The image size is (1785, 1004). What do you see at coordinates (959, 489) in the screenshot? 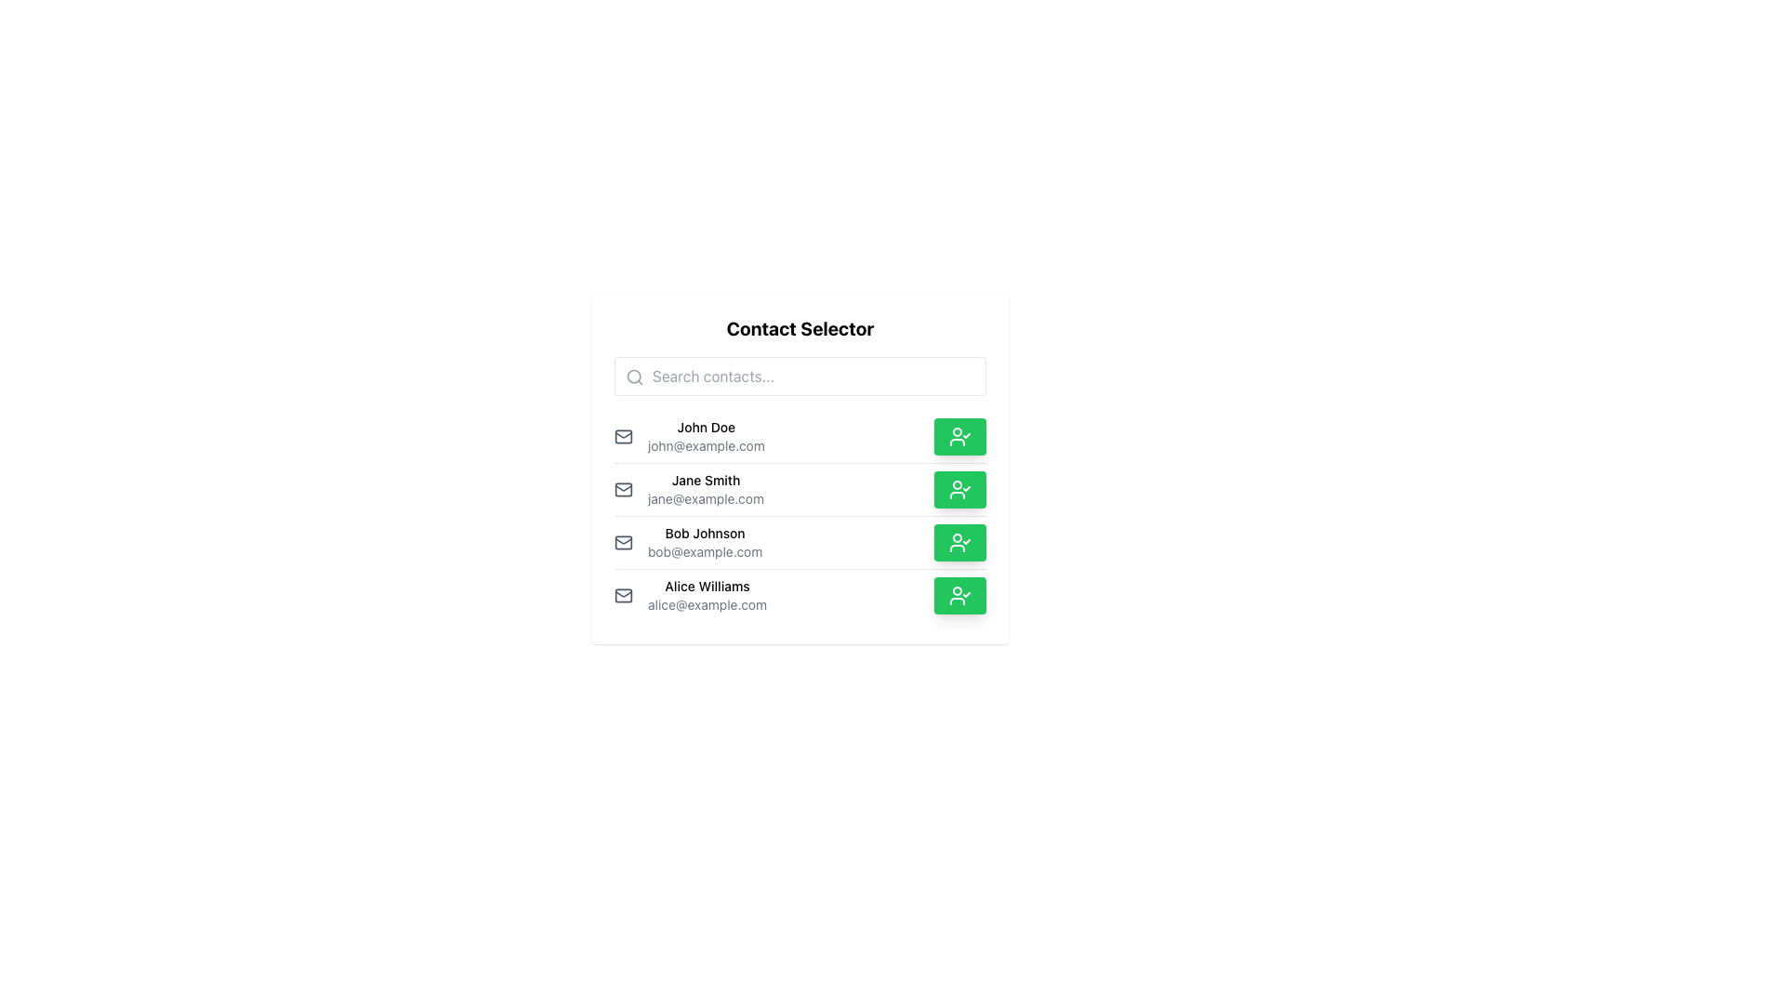
I see `the SVG icon within the green rectangular button adjacent to the contact 'Jane Smith'` at bounding box center [959, 489].